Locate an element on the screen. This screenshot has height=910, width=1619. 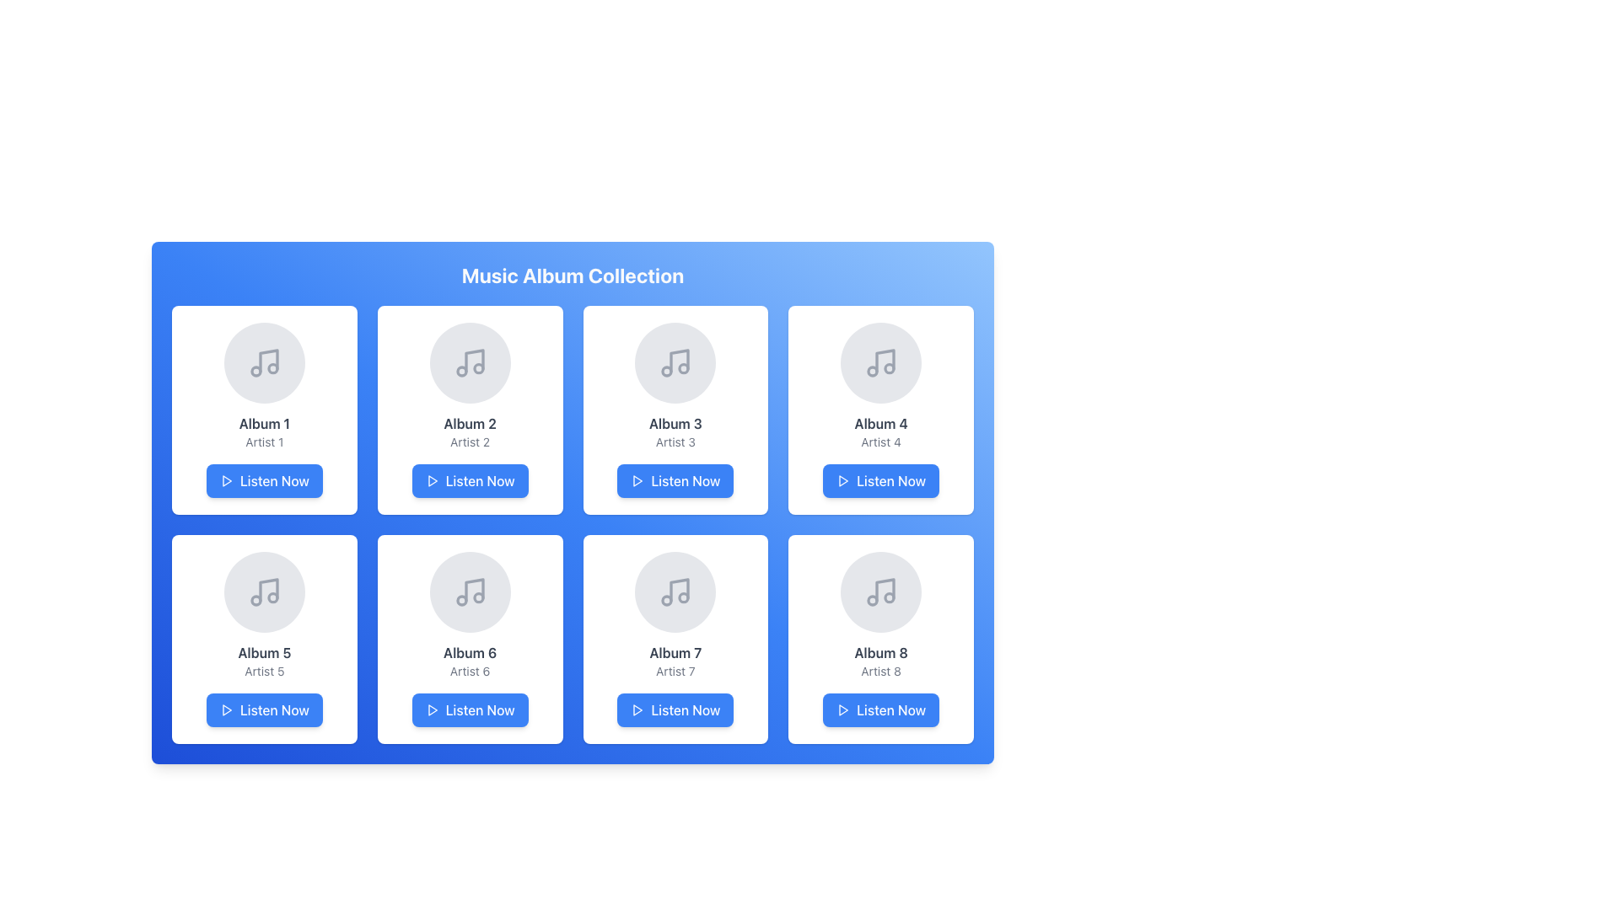
the decorative SVG Circle element of the music note icon located in the sixth grid cell in the bottom-left quadrant is located at coordinates (461, 600).